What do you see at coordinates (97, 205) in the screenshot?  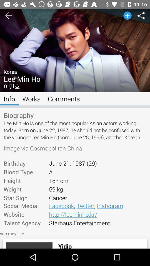 I see `icon to the right of star sign icon` at bounding box center [97, 205].